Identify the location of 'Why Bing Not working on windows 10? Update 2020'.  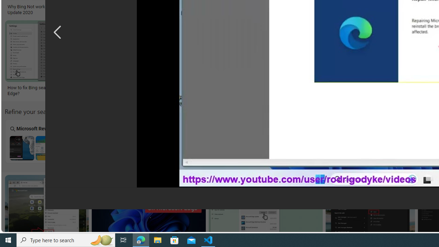
(46, 9).